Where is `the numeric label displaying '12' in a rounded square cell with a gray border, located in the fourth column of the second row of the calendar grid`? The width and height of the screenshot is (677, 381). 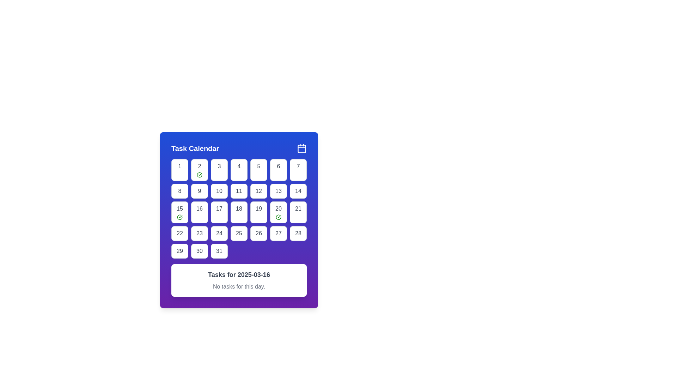 the numeric label displaying '12' in a rounded square cell with a gray border, located in the fourth column of the second row of the calendar grid is located at coordinates (258, 191).